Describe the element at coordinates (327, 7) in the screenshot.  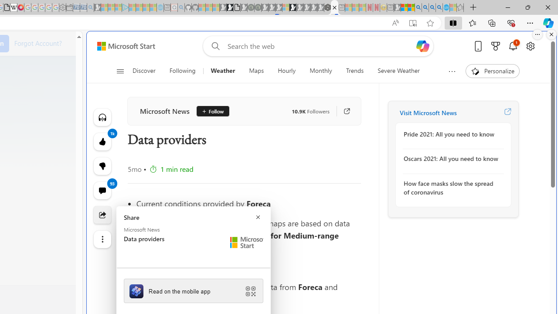
I see `'Nordace - Cooler Bags'` at that location.